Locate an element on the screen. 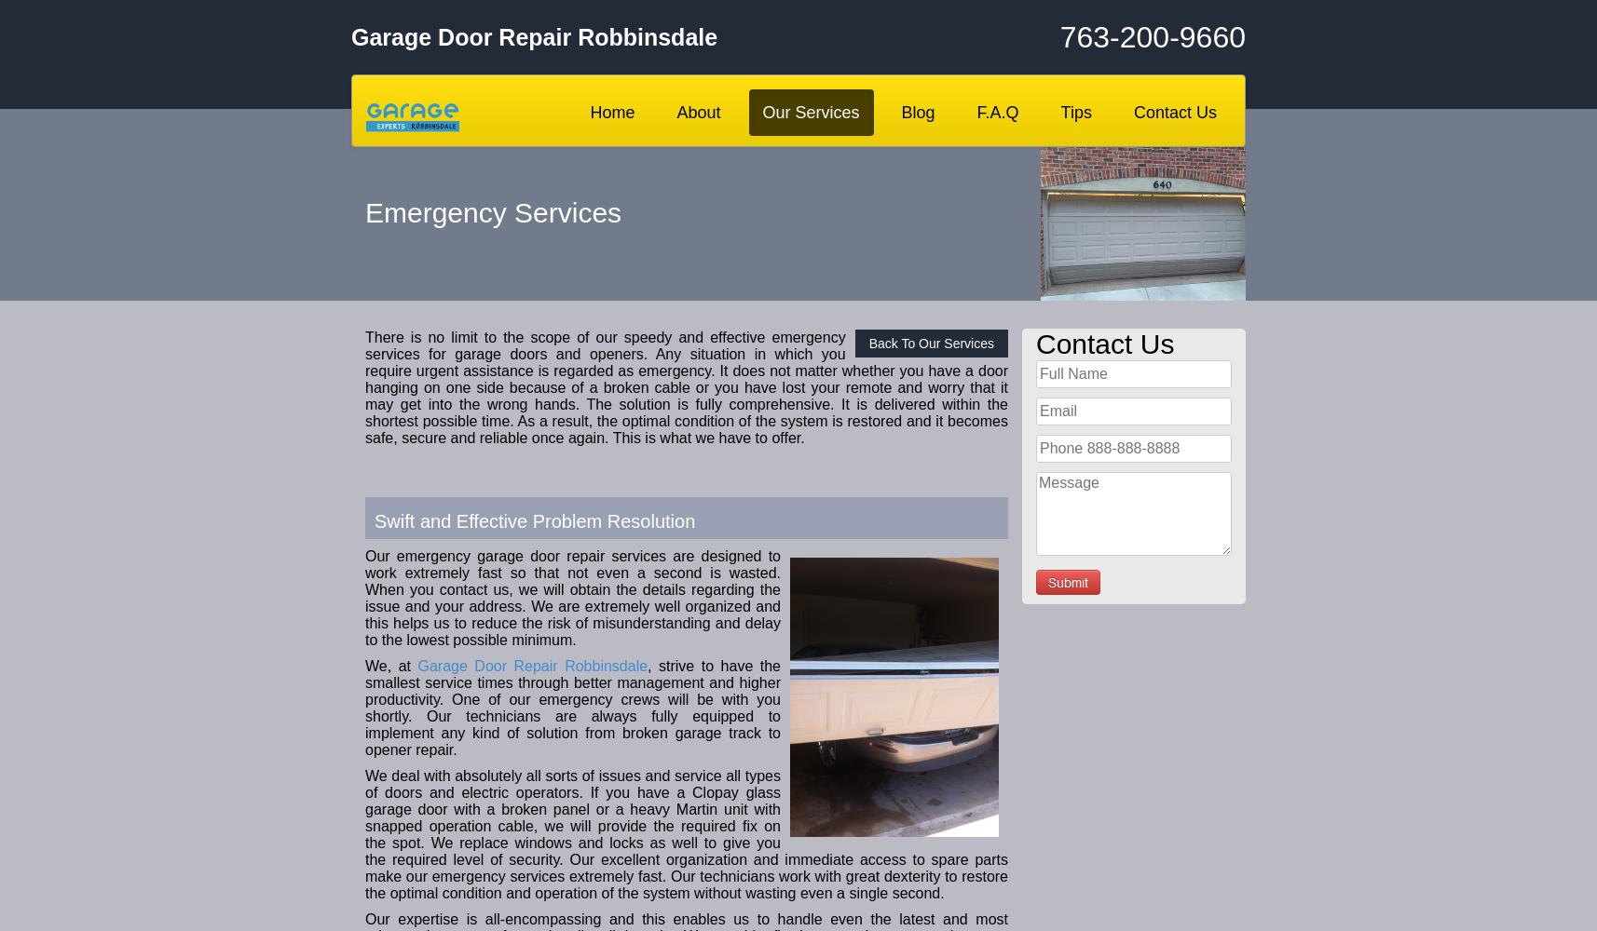 Image resolution: width=1597 pixels, height=931 pixels. 'Home' is located at coordinates (610, 112).